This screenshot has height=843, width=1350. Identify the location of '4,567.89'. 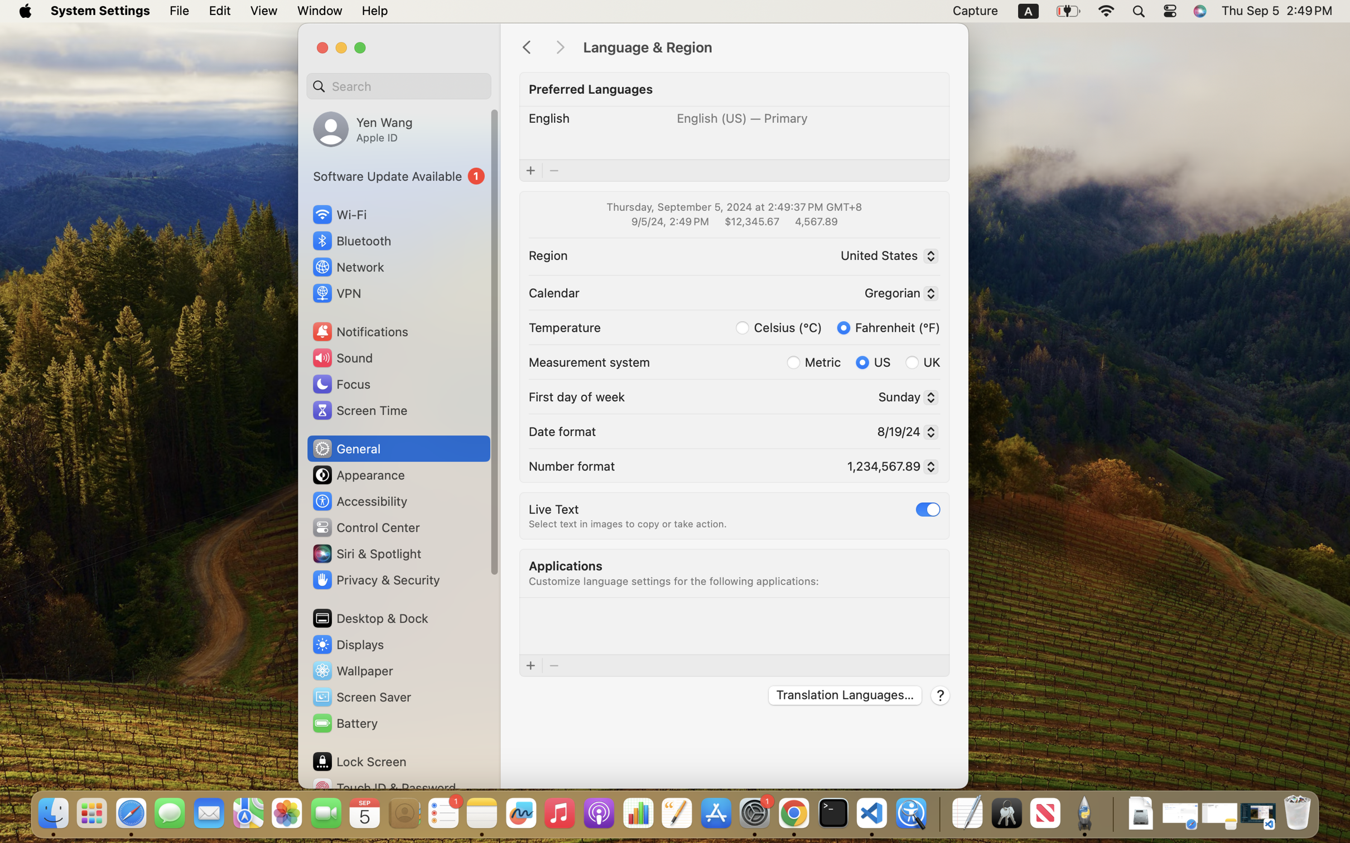
(815, 220).